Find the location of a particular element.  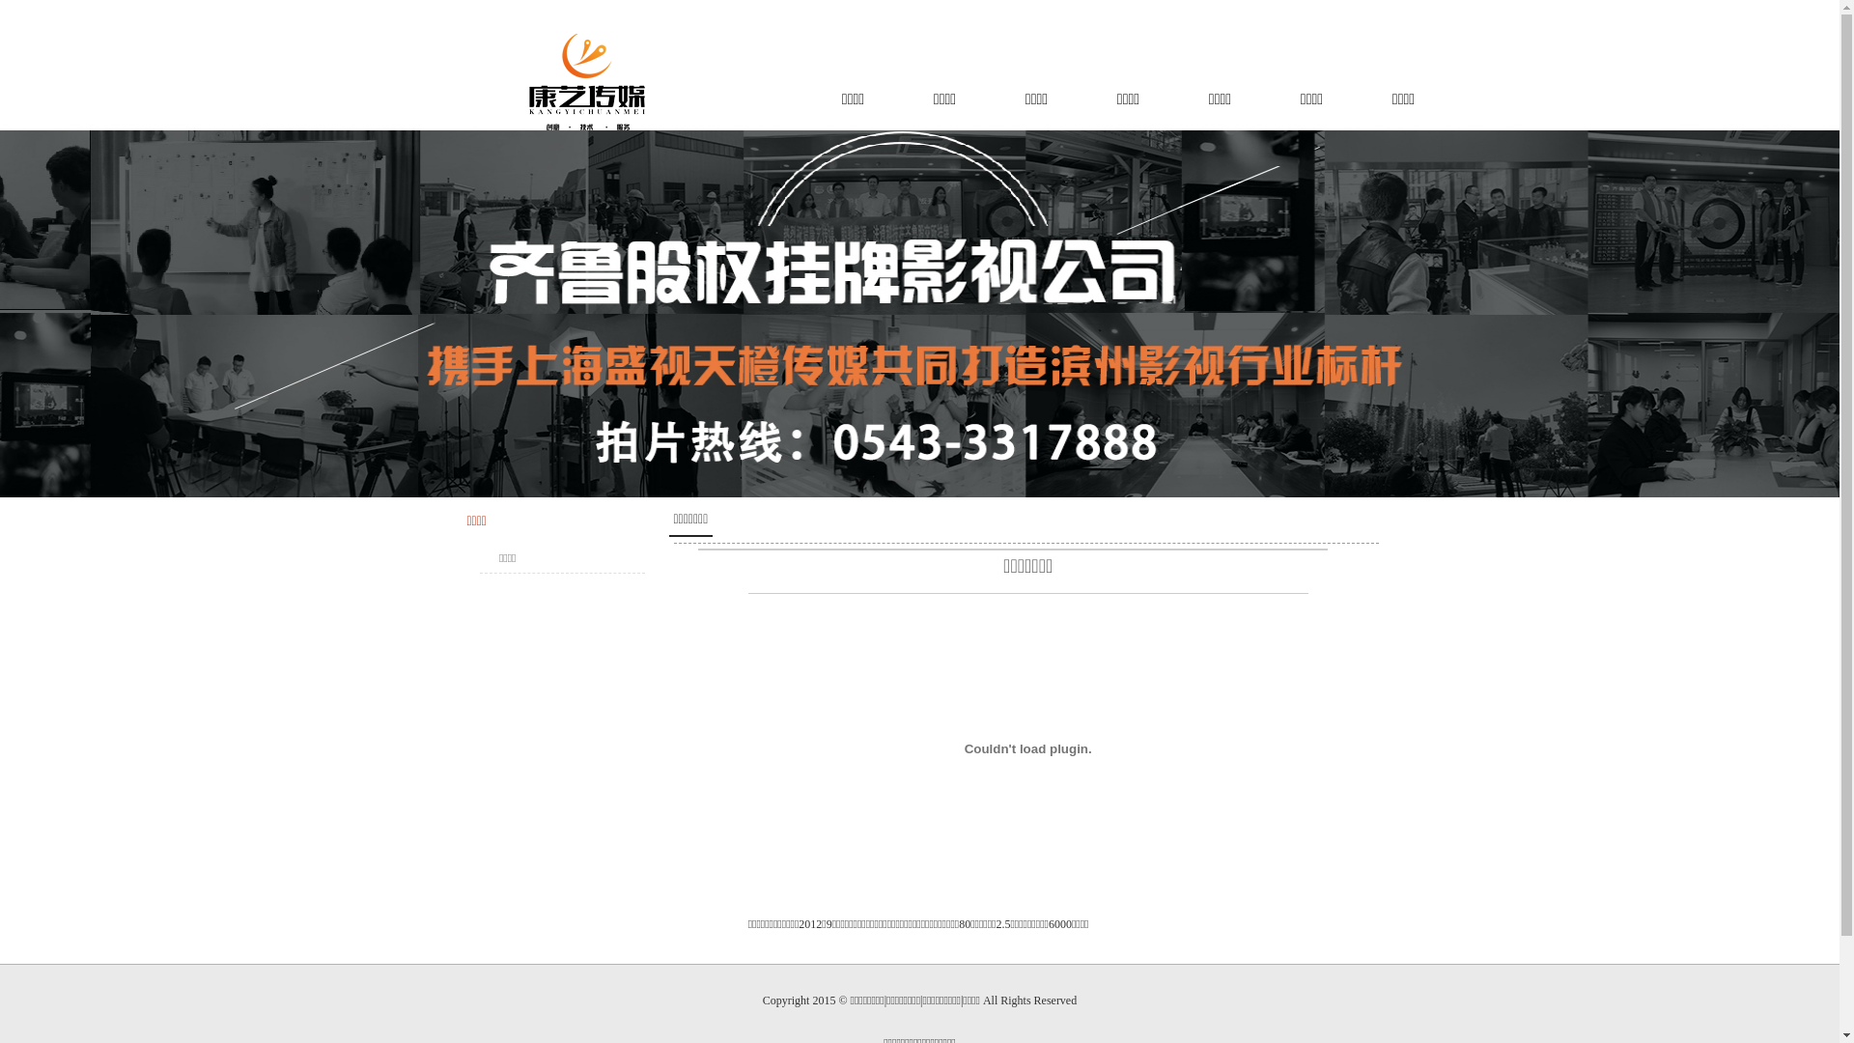

'sdyy' is located at coordinates (589, 80).